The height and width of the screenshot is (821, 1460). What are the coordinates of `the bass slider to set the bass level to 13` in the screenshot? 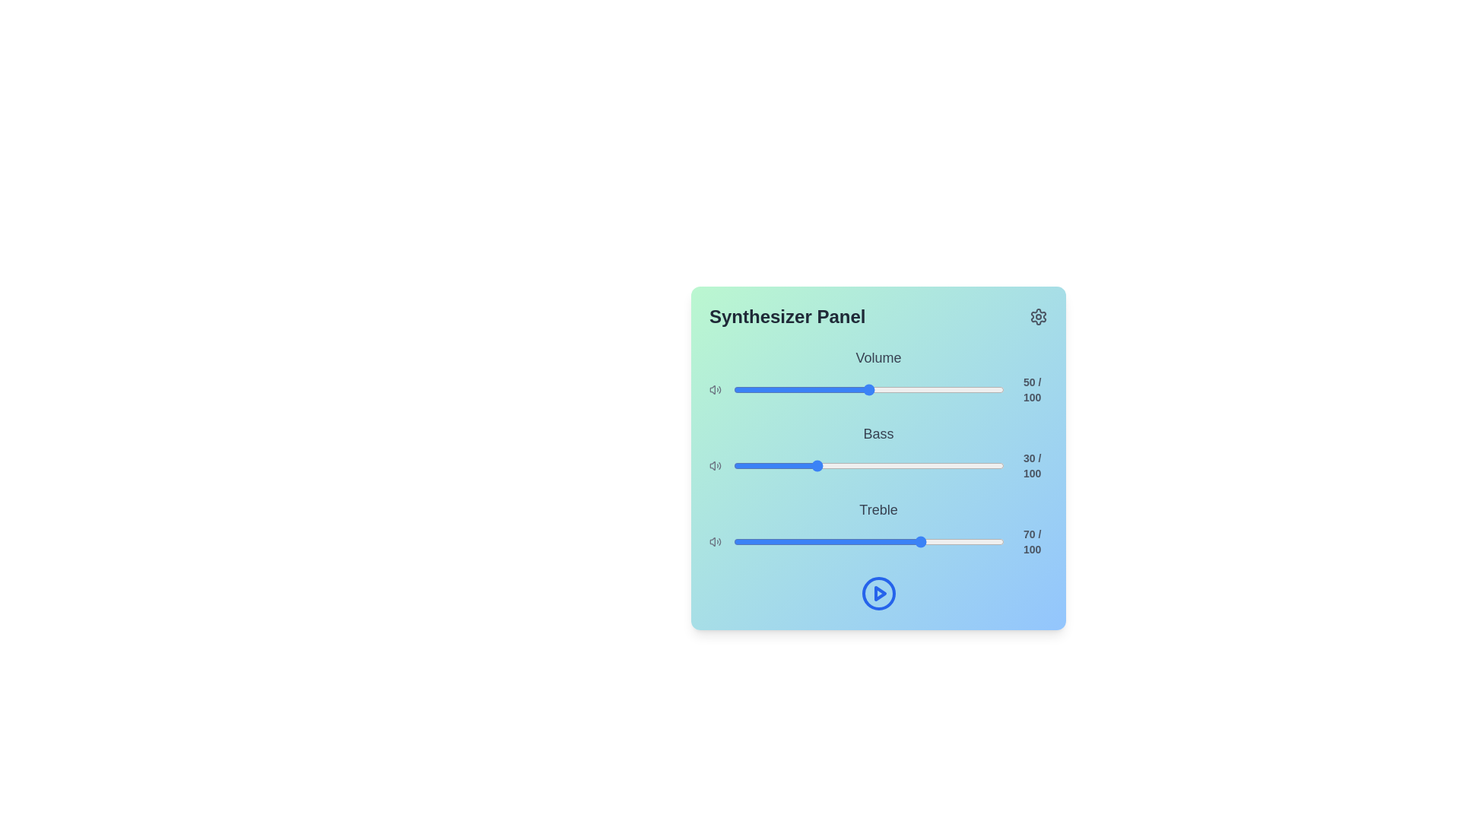 It's located at (769, 465).